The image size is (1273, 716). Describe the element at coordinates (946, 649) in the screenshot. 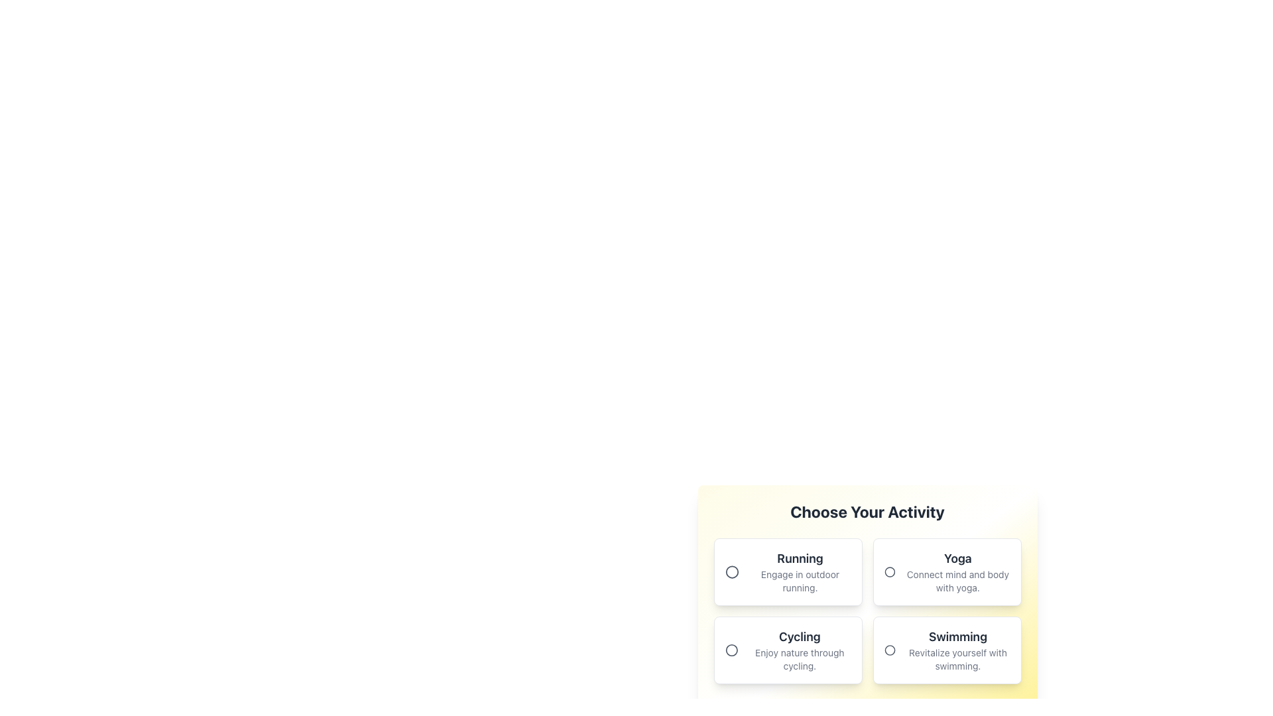

I see `the 'Swimming' option card located in the bottom-right quadrant of the 'Choose Your Activity' grid` at that location.